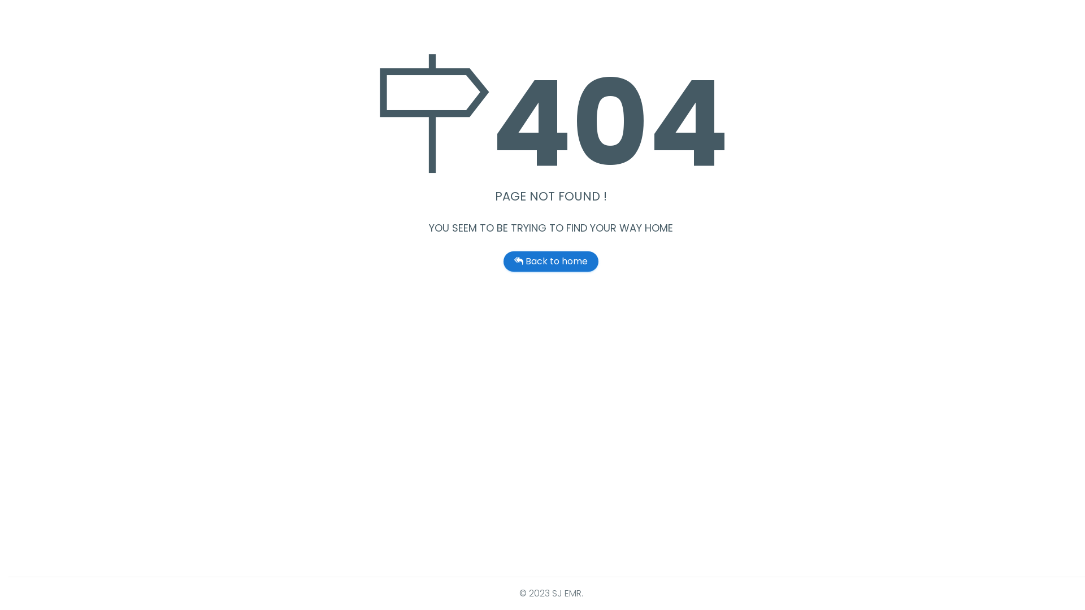 This screenshot has width=1085, height=610. I want to click on 'Back to home', so click(550, 261).